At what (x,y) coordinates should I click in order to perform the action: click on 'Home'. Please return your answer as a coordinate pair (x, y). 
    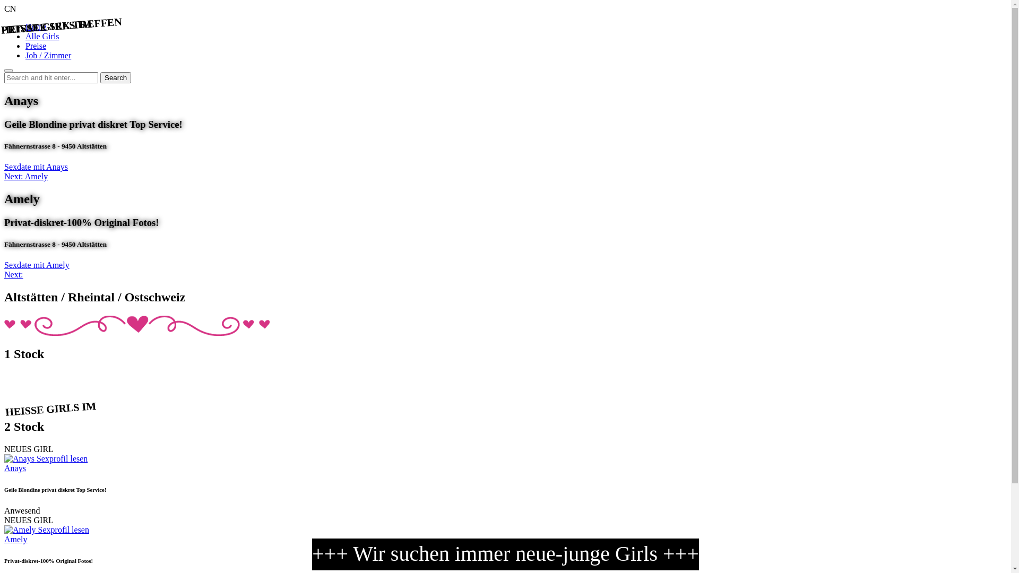
    Looking at the image, I should click on (36, 26).